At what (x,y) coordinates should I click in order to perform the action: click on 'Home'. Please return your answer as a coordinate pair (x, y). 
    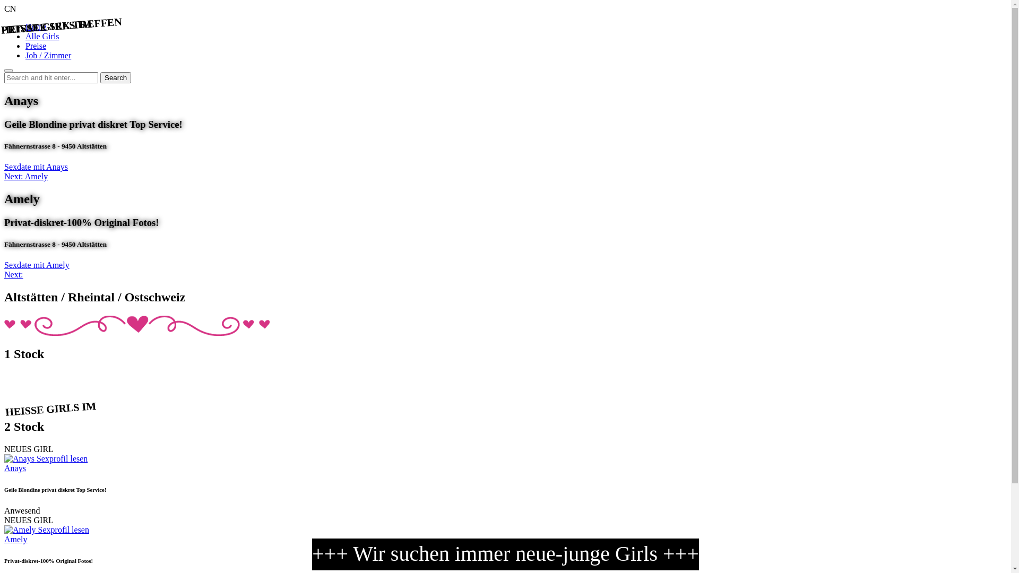
    Looking at the image, I should click on (36, 26).